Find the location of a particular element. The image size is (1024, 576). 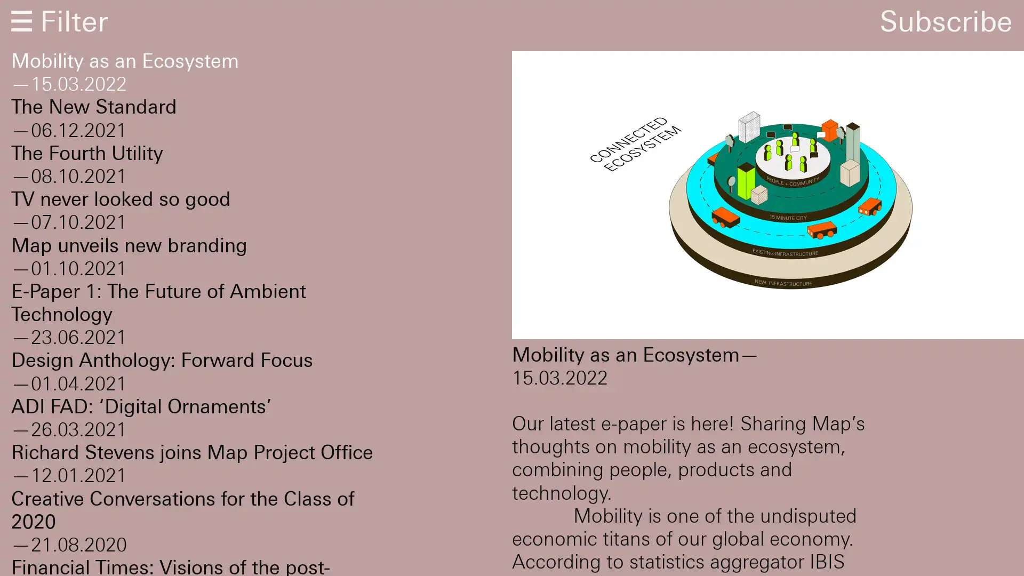

Subscribe is located at coordinates (53, 201).